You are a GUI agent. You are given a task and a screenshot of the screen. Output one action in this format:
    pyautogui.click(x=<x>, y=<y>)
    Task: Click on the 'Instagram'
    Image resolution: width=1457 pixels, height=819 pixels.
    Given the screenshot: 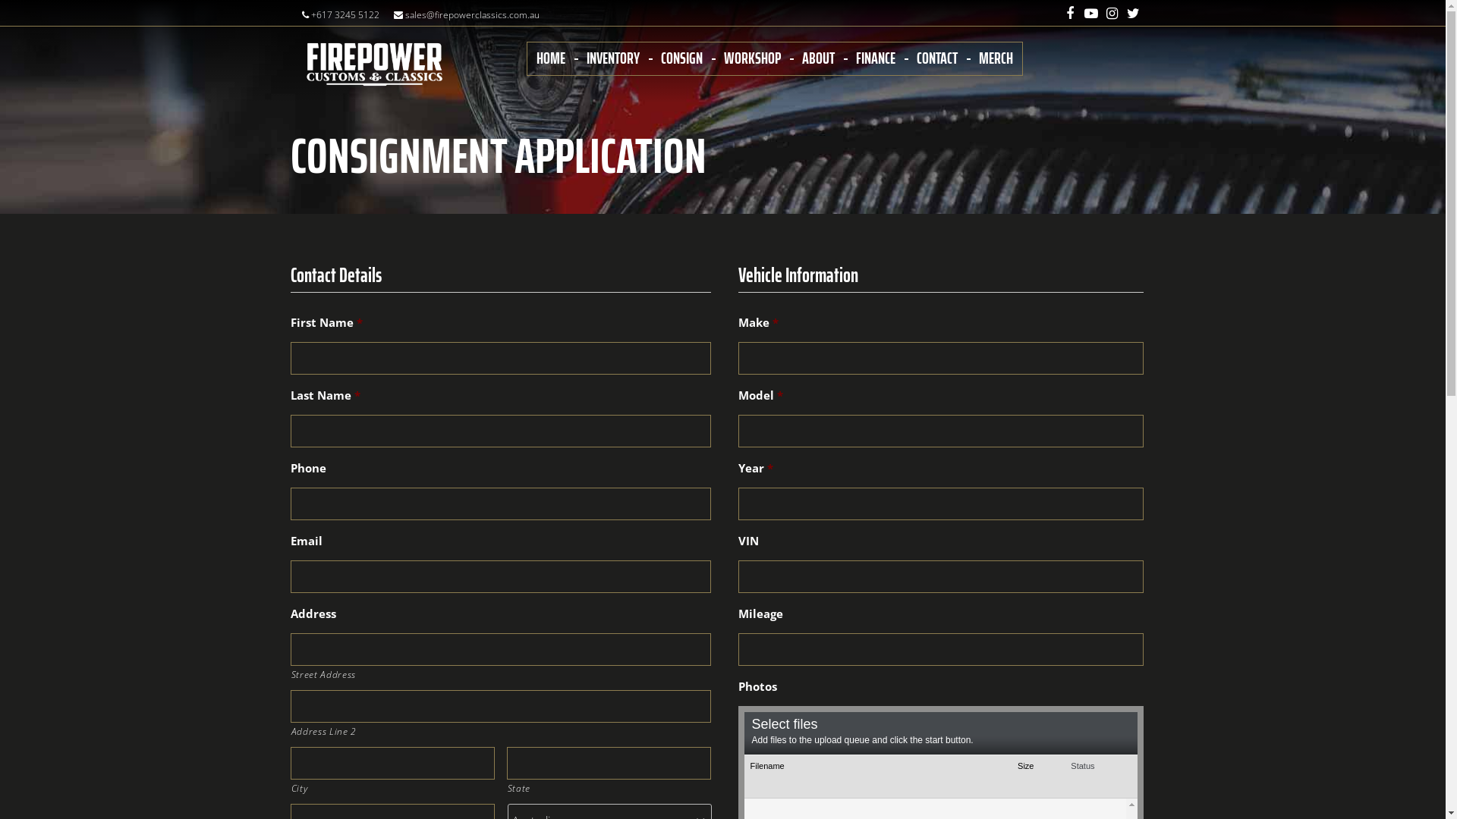 What is the action you would take?
    pyautogui.click(x=1112, y=14)
    